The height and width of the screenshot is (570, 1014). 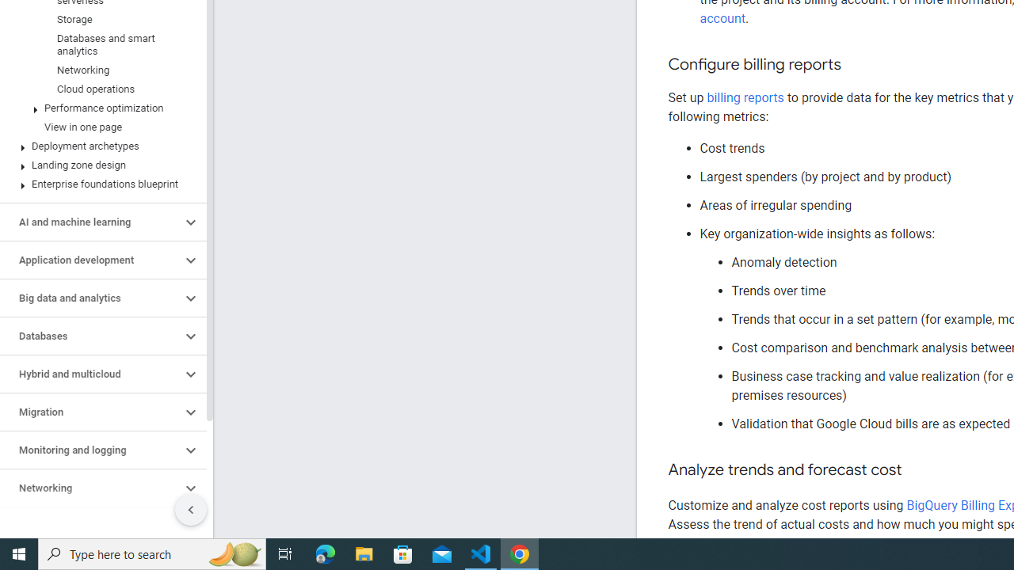 What do you see at coordinates (90, 298) in the screenshot?
I see `'Big data and analytics'` at bounding box center [90, 298].